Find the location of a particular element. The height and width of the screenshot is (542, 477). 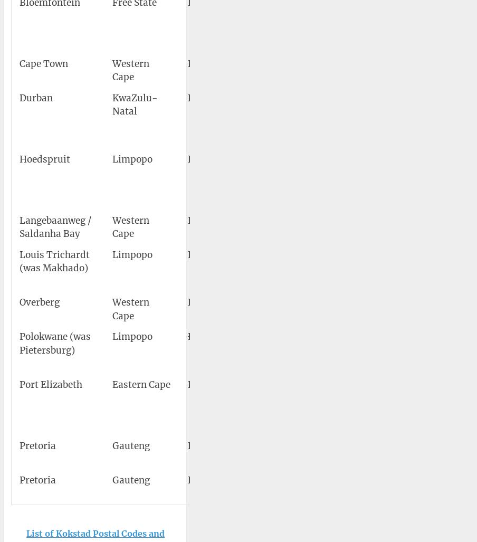

'FAOB' is located at coordinates (199, 302).